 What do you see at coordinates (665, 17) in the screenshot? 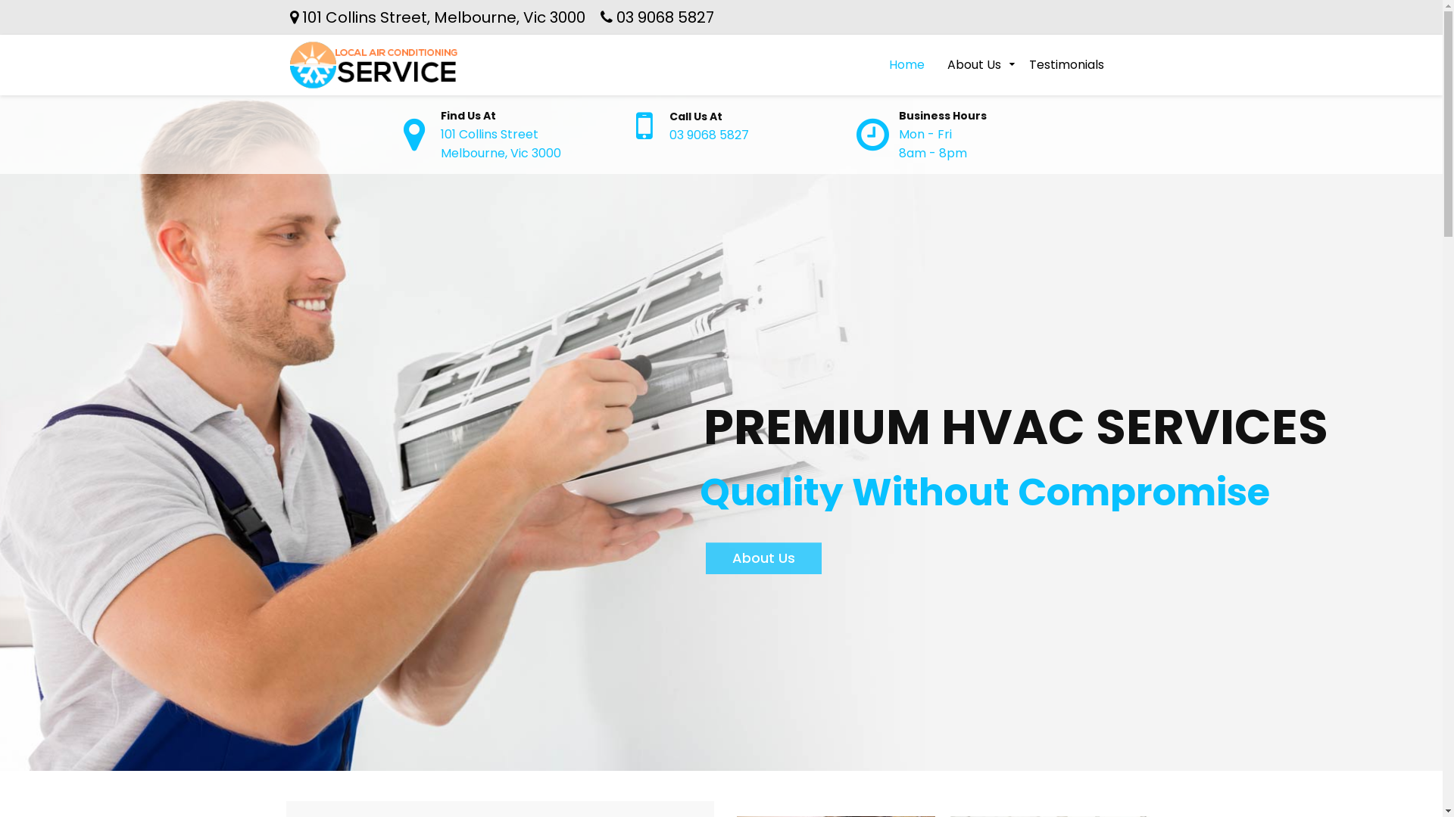
I see `'03 9068 5827'` at bounding box center [665, 17].